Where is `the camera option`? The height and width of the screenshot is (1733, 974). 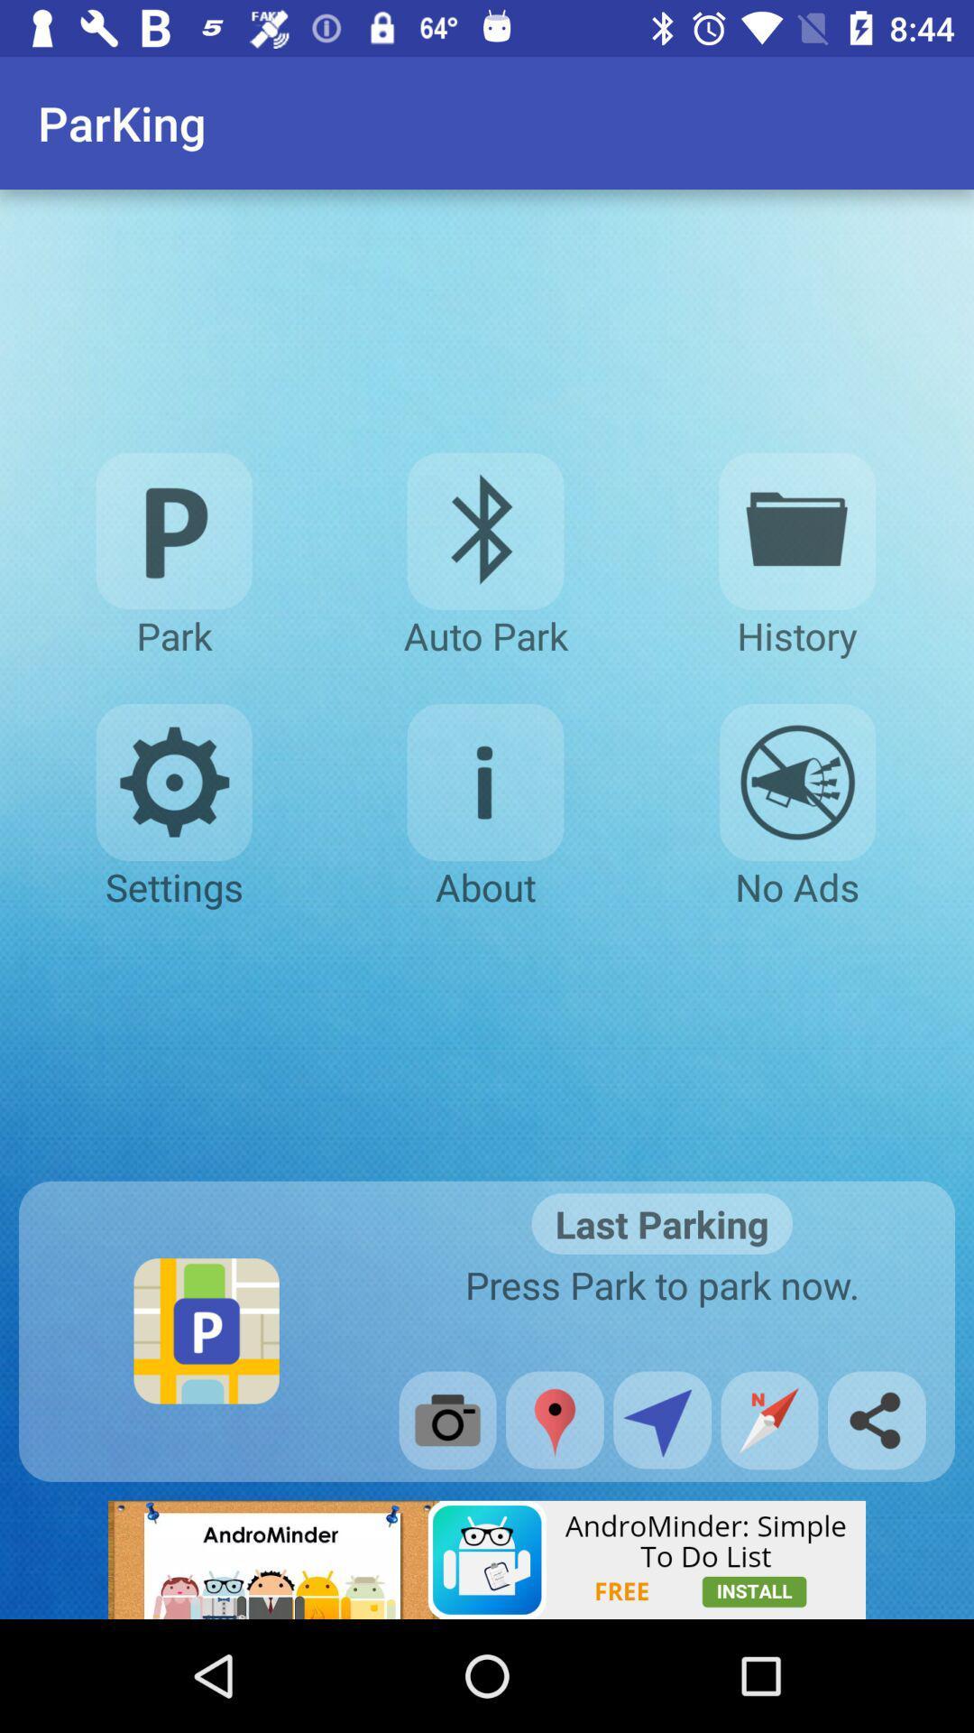 the camera option is located at coordinates (446, 1419).